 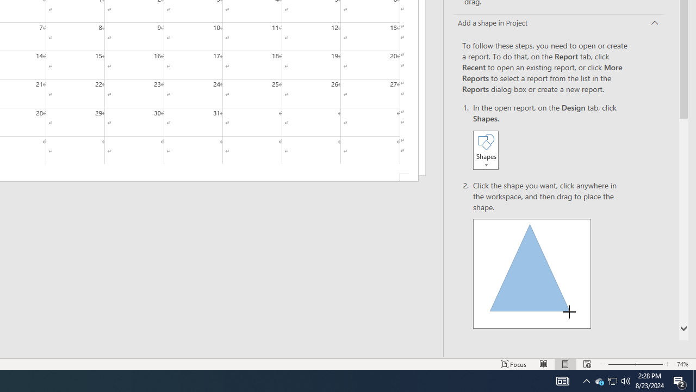 What do you see at coordinates (558, 23) in the screenshot?
I see `'Add a shape in Project'` at bounding box center [558, 23].